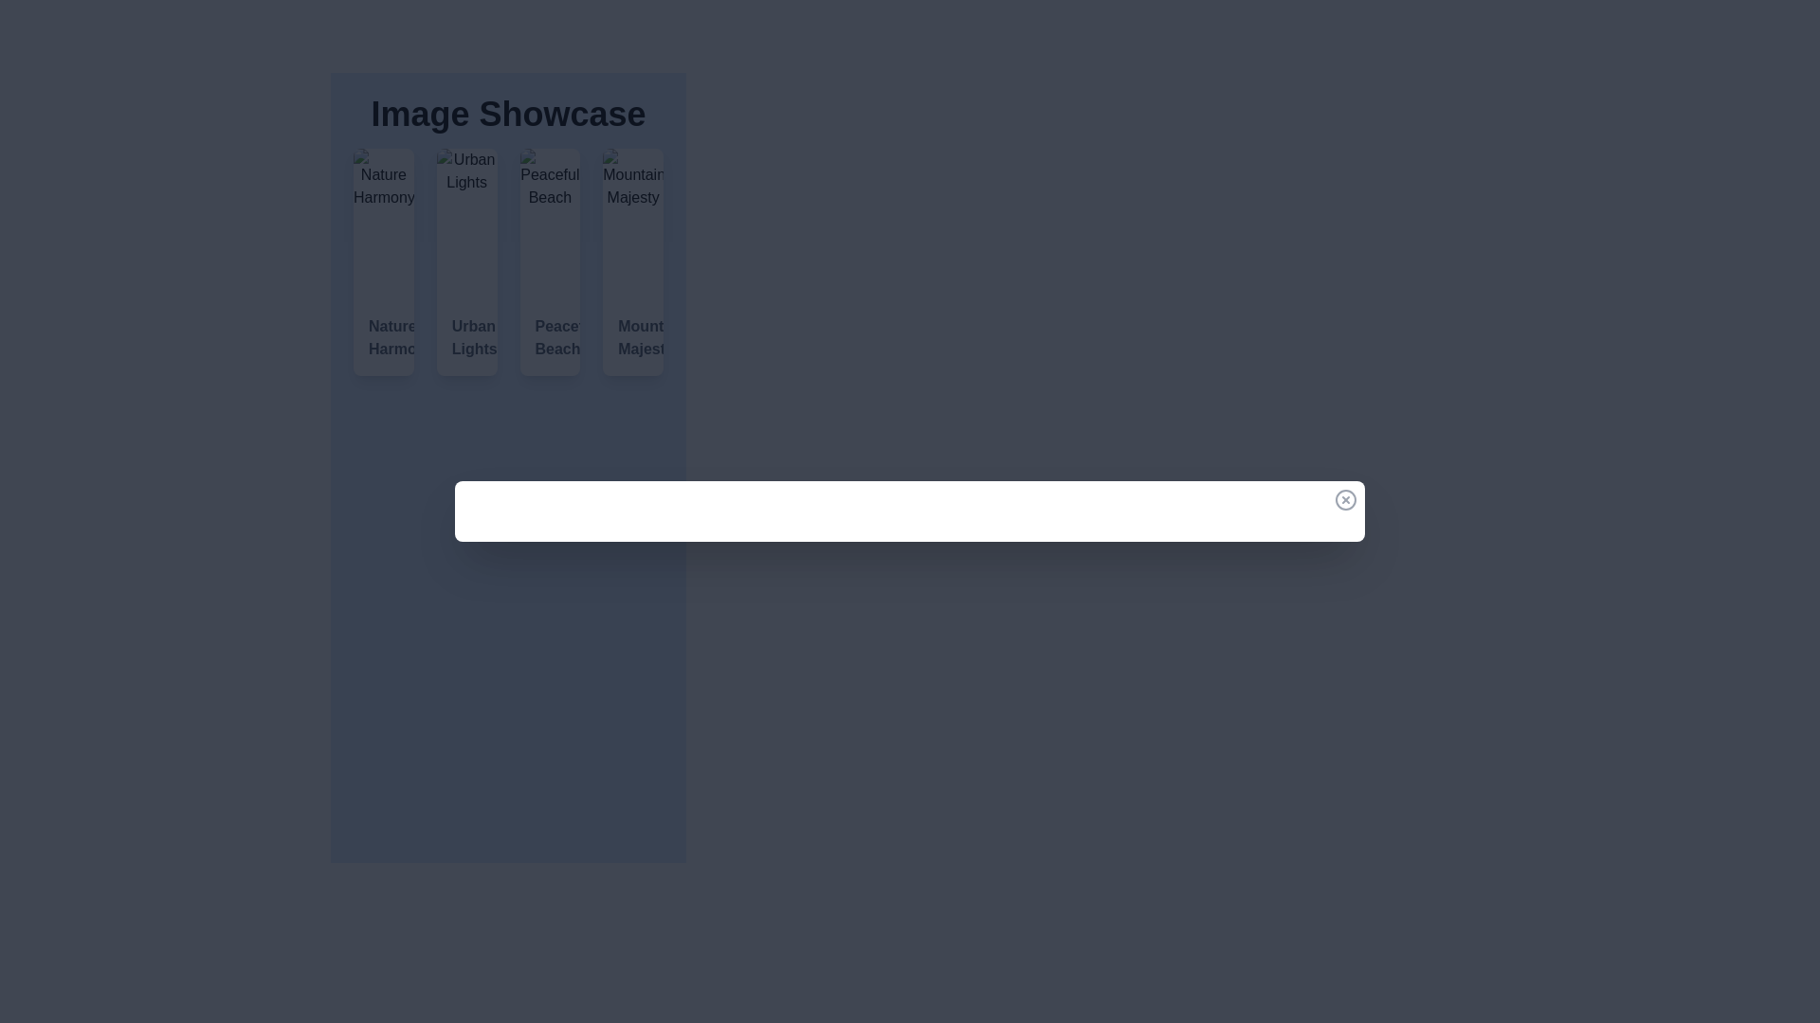 The height and width of the screenshot is (1023, 1820). Describe the element at coordinates (382, 337) in the screenshot. I see `the Text Label indicating the title or name of the first image card in the showcase` at that location.